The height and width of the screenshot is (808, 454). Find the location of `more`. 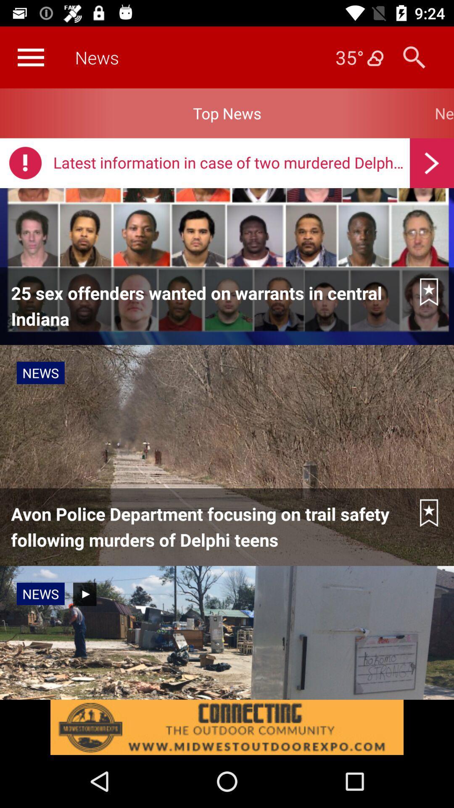

more is located at coordinates (30, 57).